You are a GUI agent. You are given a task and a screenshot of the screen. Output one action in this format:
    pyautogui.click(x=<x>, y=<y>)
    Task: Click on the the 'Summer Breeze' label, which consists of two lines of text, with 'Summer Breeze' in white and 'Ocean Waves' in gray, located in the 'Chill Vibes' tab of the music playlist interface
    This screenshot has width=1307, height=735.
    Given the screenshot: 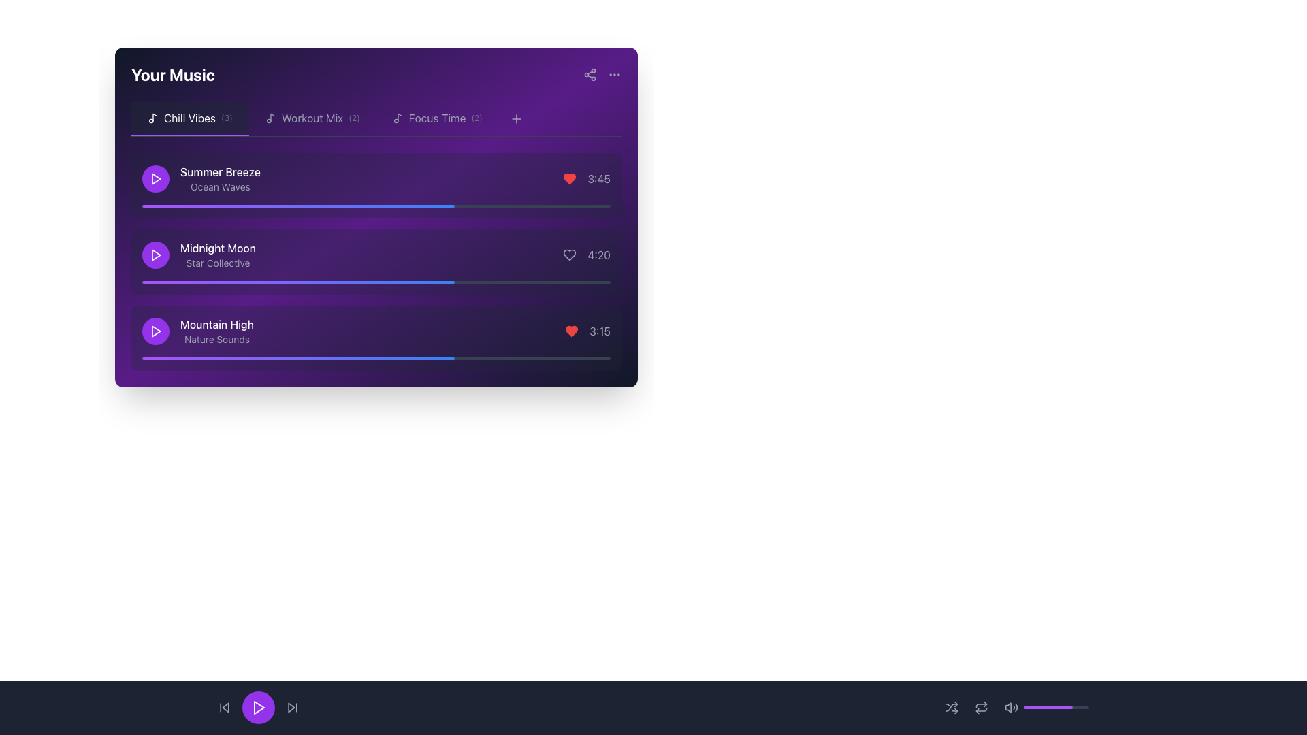 What is the action you would take?
    pyautogui.click(x=200, y=178)
    